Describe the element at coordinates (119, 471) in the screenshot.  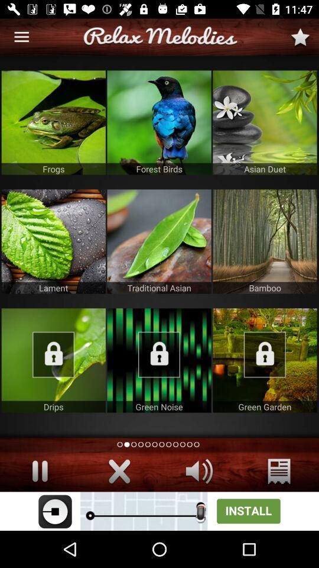
I see `closing the relax melodies` at that location.